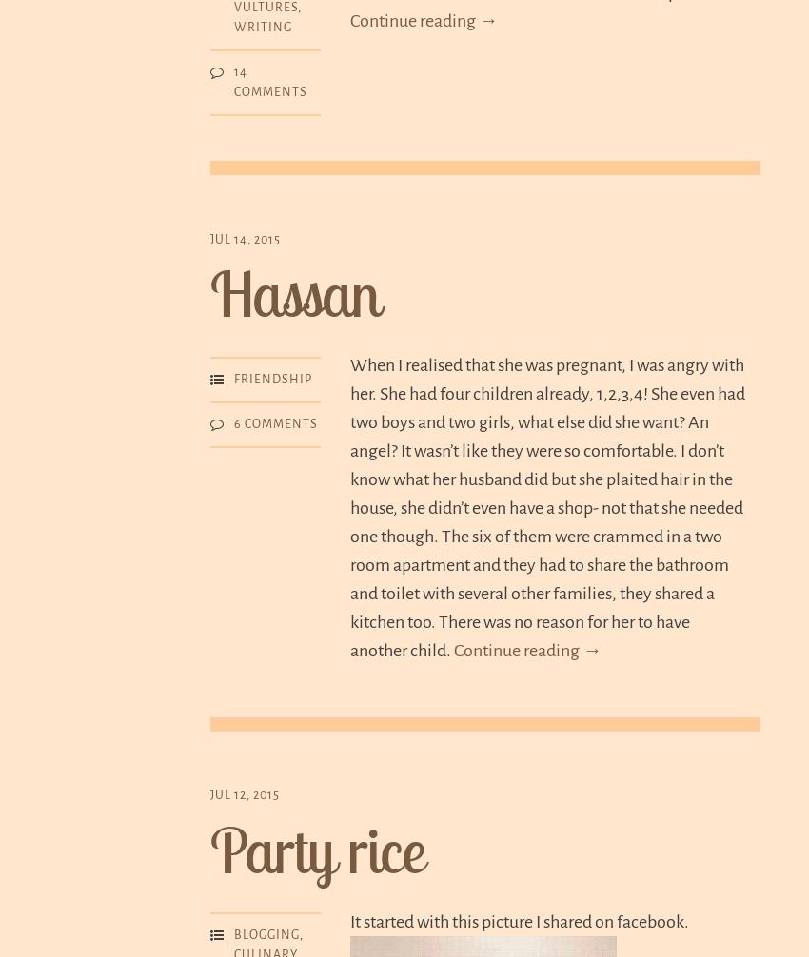 The width and height of the screenshot is (809, 957). Describe the element at coordinates (294, 293) in the screenshot. I see `'Hassan'` at that location.